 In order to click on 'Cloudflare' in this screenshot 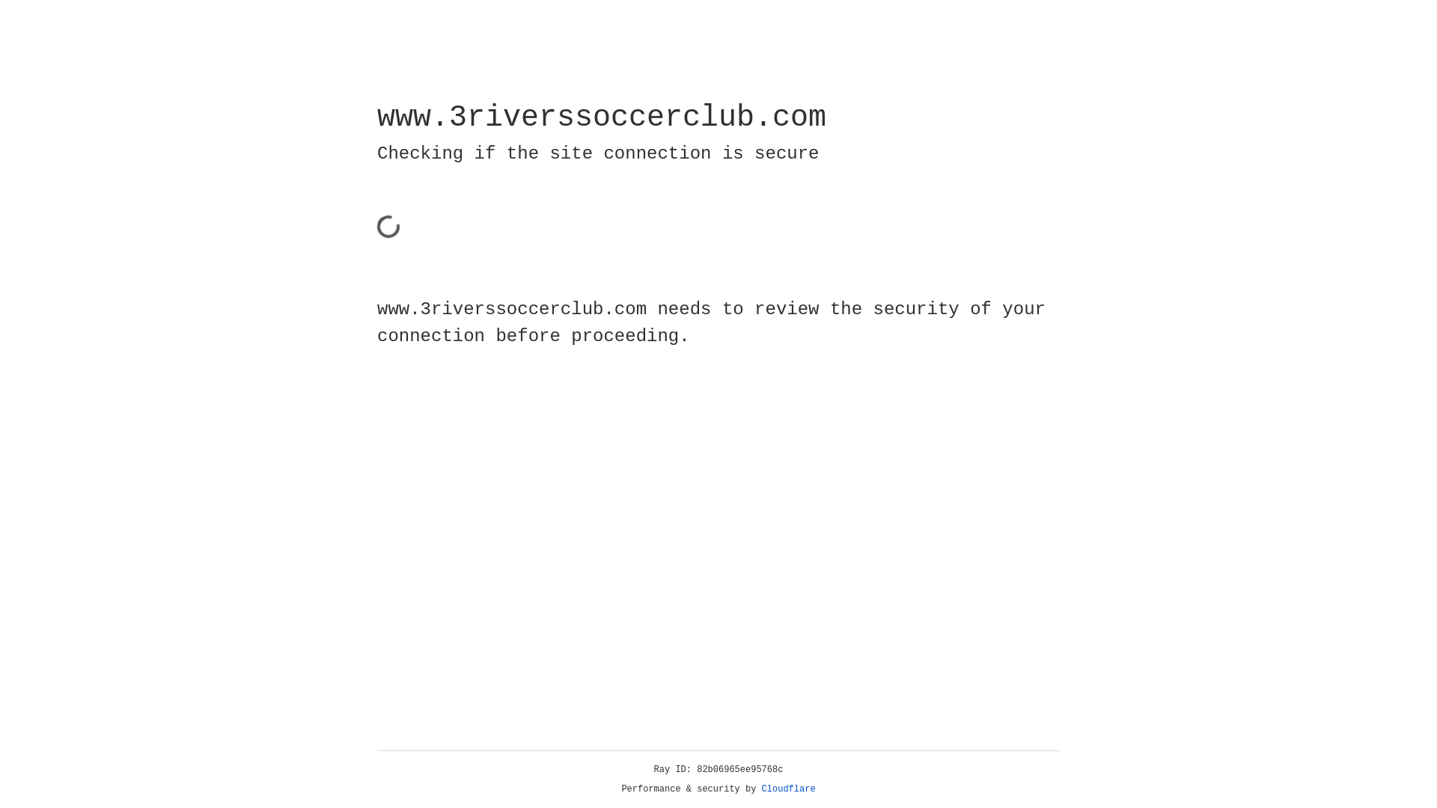, I will do `click(788, 789)`.